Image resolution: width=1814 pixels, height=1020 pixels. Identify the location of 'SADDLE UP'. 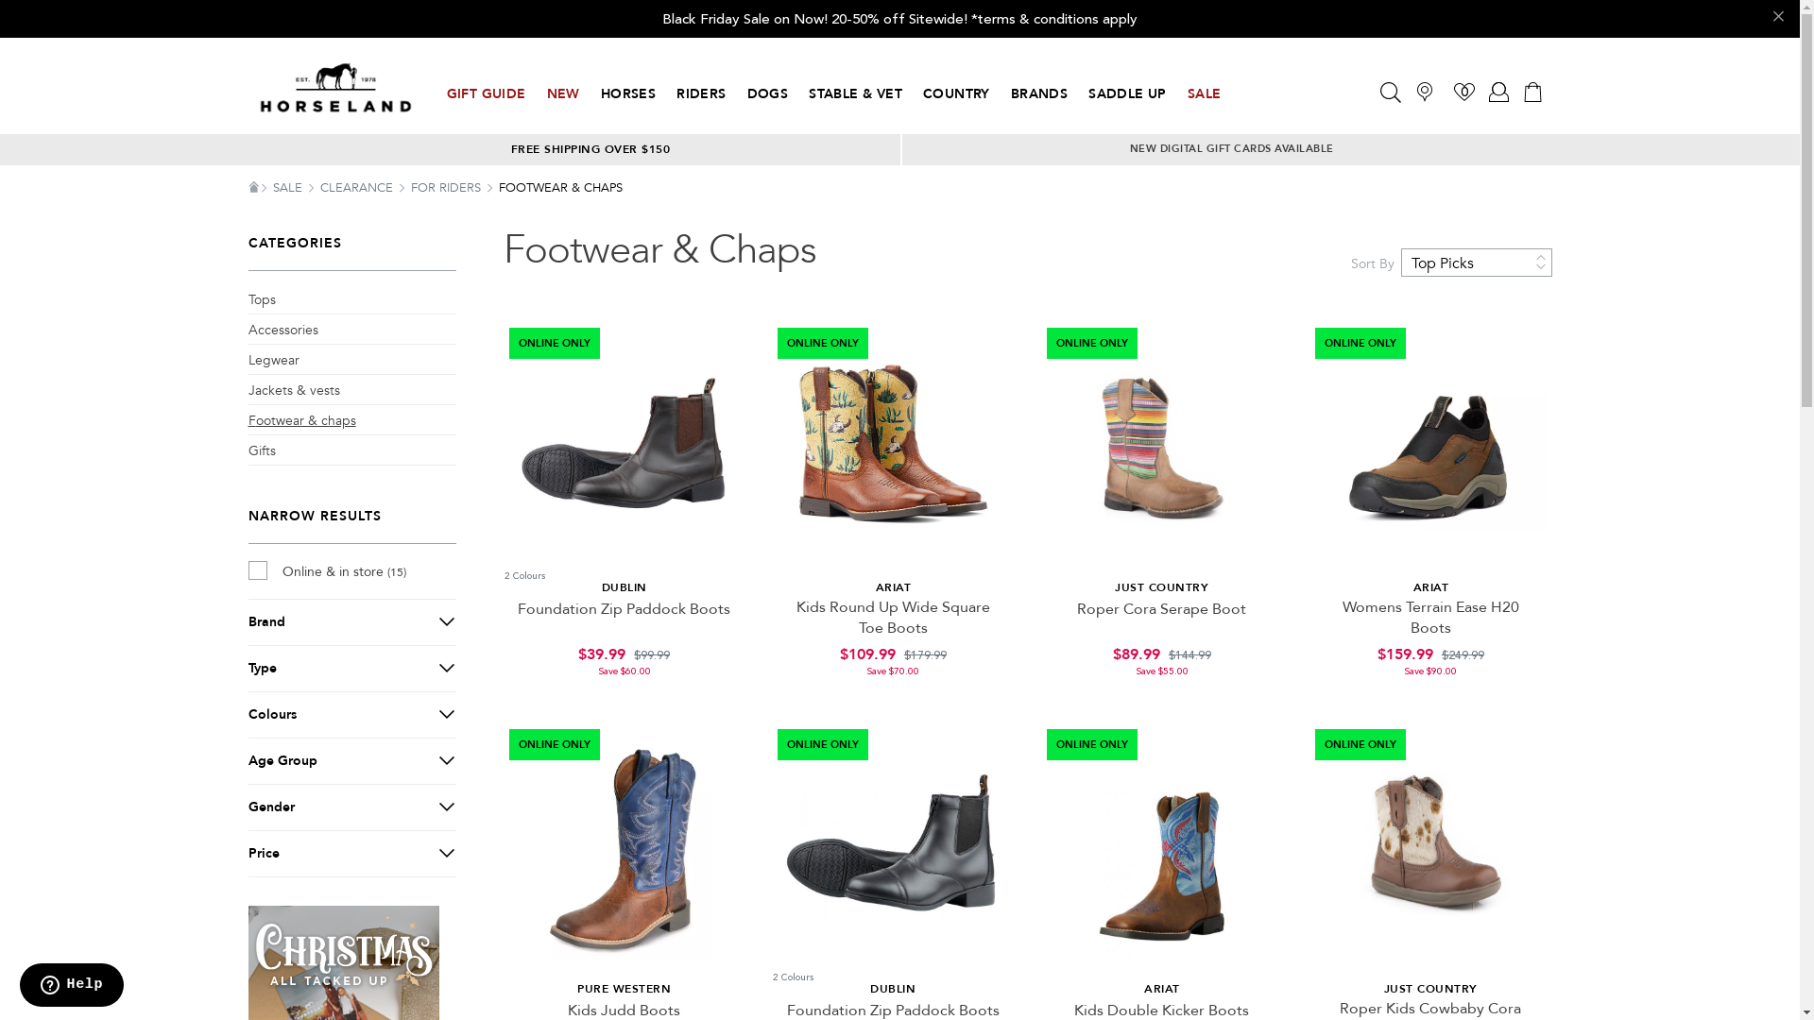
(1127, 94).